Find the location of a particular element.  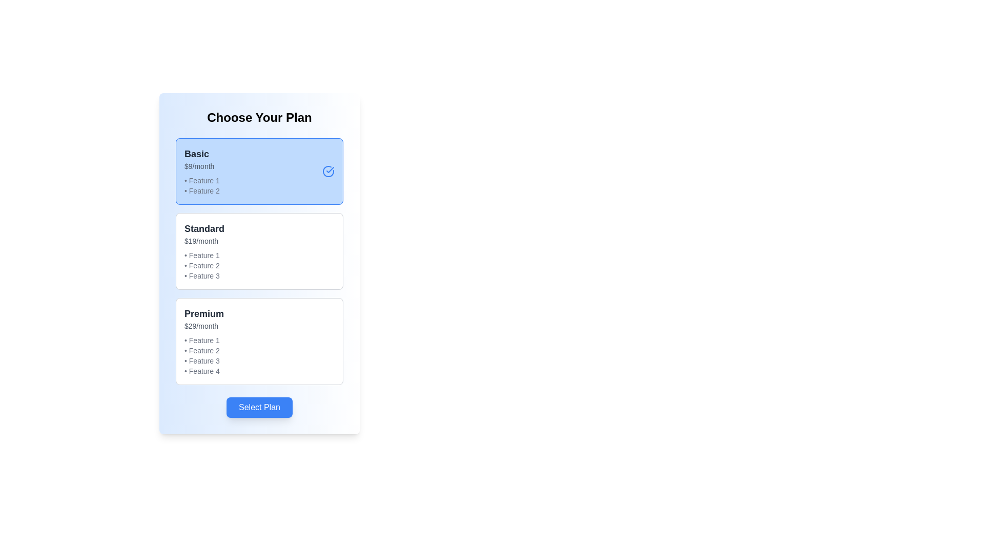

the second item in the feature list for the 'Premium' pricing plan, which is located within a bordered box containing other features and pricing information is located at coordinates (204, 350).